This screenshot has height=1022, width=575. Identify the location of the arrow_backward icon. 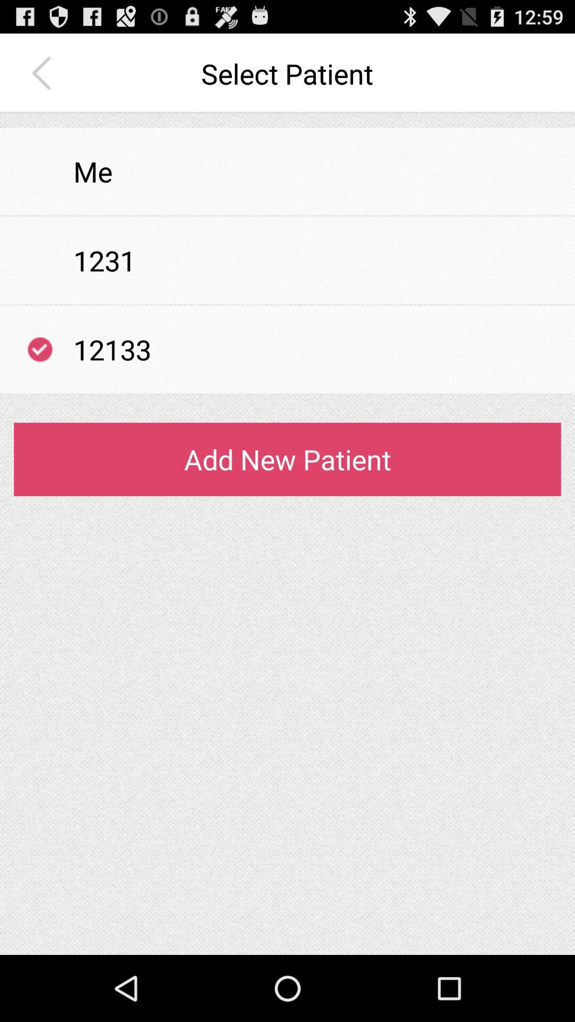
(44, 78).